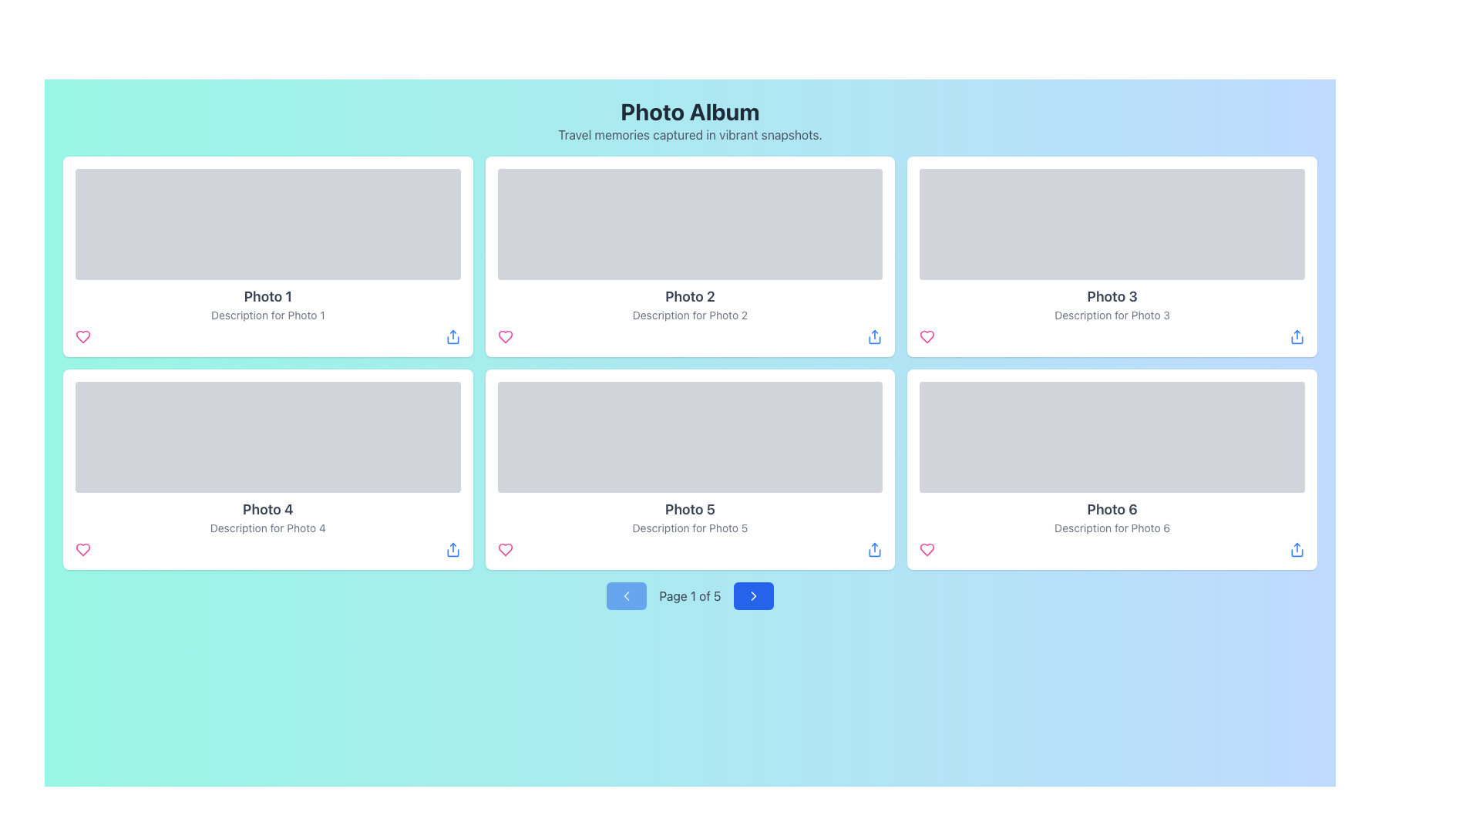  What do you see at coordinates (267, 314) in the screenshot?
I see `the Text Label that provides descriptive context for the photo in the first card of the grid display, positioned below the 'Photo 1' title and above the interactive icons` at bounding box center [267, 314].